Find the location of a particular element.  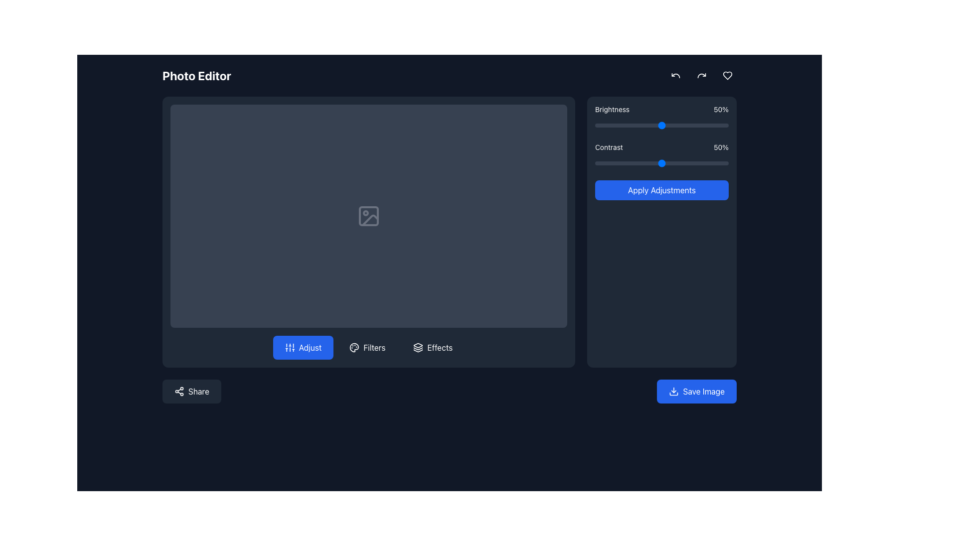

the decorative icon resembling a painter's palette, which is located within the 'Filters' button group, positioned to the right of the 'Adjust' button and to the left of the 'Effects' button is located at coordinates (354, 347).